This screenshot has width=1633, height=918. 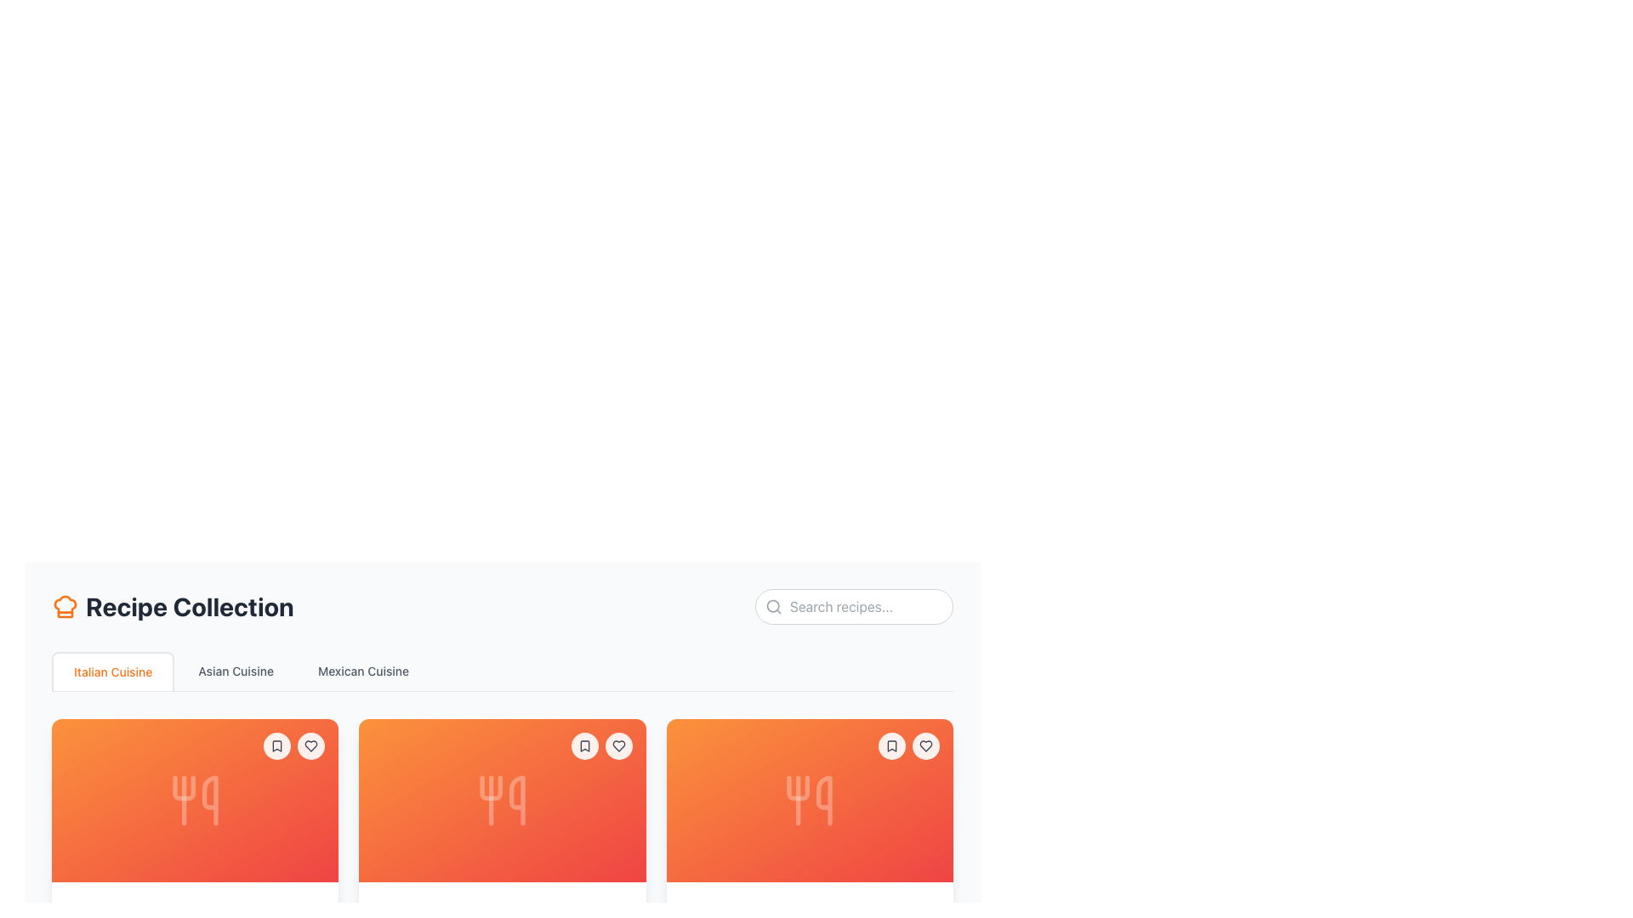 I want to click on the favorite icon located at the top-right corner of the first orange card in the grid layout to possibly reveal additional contextual information, so click(x=311, y=745).